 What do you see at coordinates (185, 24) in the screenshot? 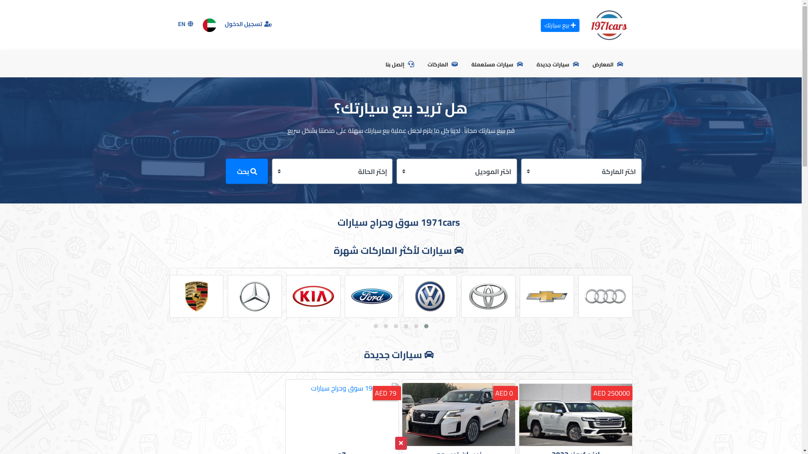
I see `'EN'` at bounding box center [185, 24].